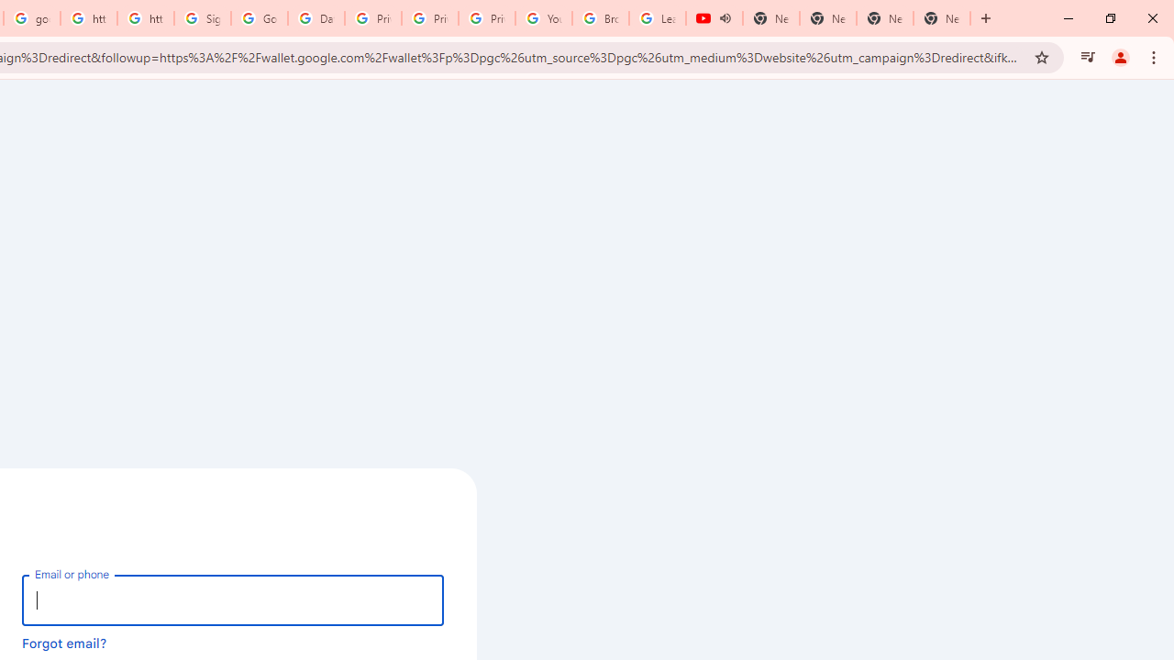  Describe the element at coordinates (942, 18) in the screenshot. I see `'New Tab'` at that location.